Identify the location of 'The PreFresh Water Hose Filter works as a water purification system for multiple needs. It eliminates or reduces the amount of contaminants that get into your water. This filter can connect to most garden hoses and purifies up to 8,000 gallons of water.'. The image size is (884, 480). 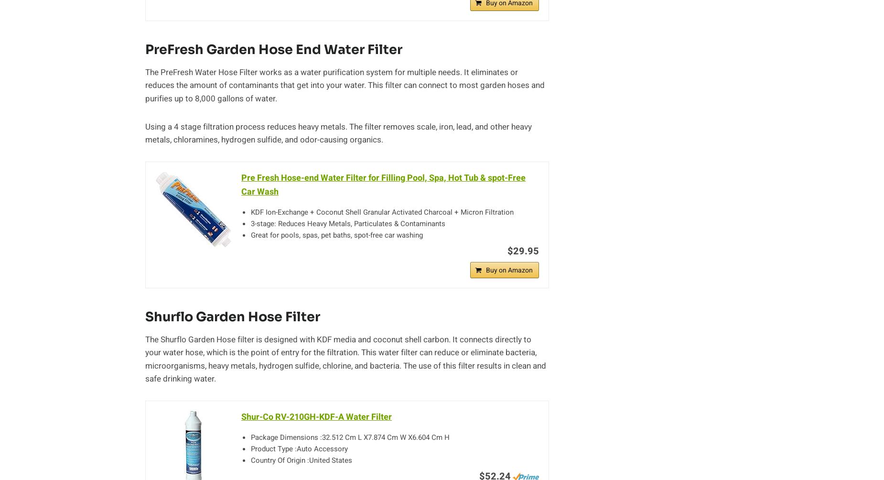
(345, 85).